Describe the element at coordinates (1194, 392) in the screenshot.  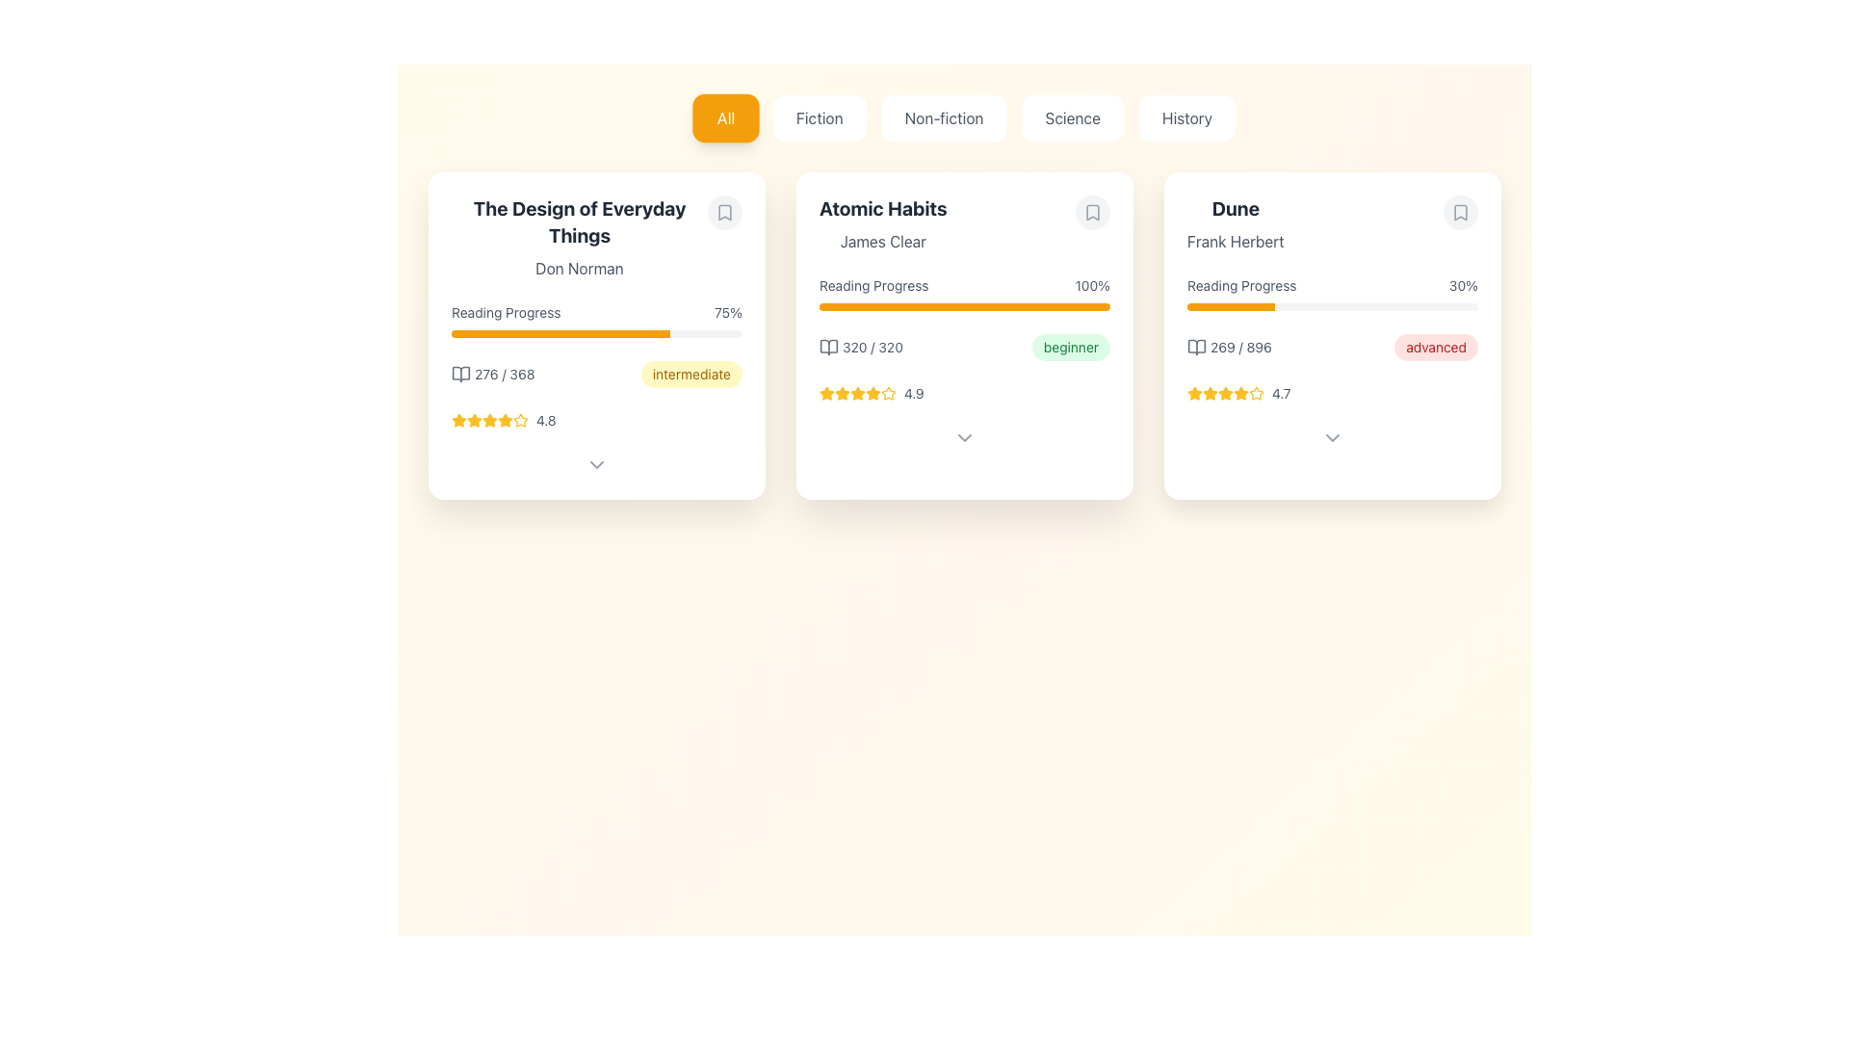
I see `the first star icon in the rating display under the 'Dune' card to indicate user ratings` at that location.